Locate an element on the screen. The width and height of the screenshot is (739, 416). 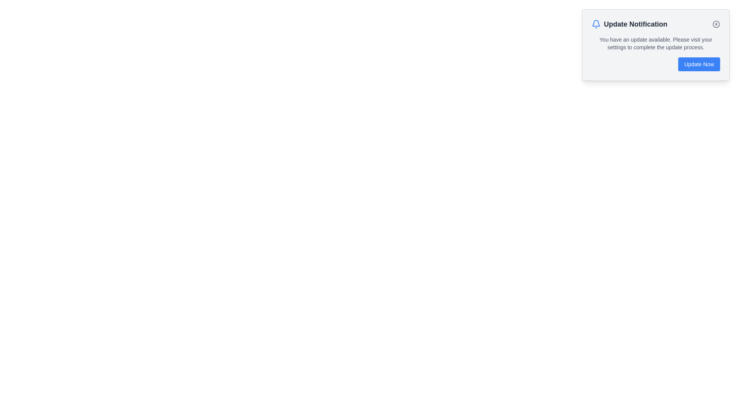
the 'Update Notification' text label which is styled in bold dark gray and located in the upper-left corner of the notification card, immediately to the right of the notification bell icon is located at coordinates (635, 23).